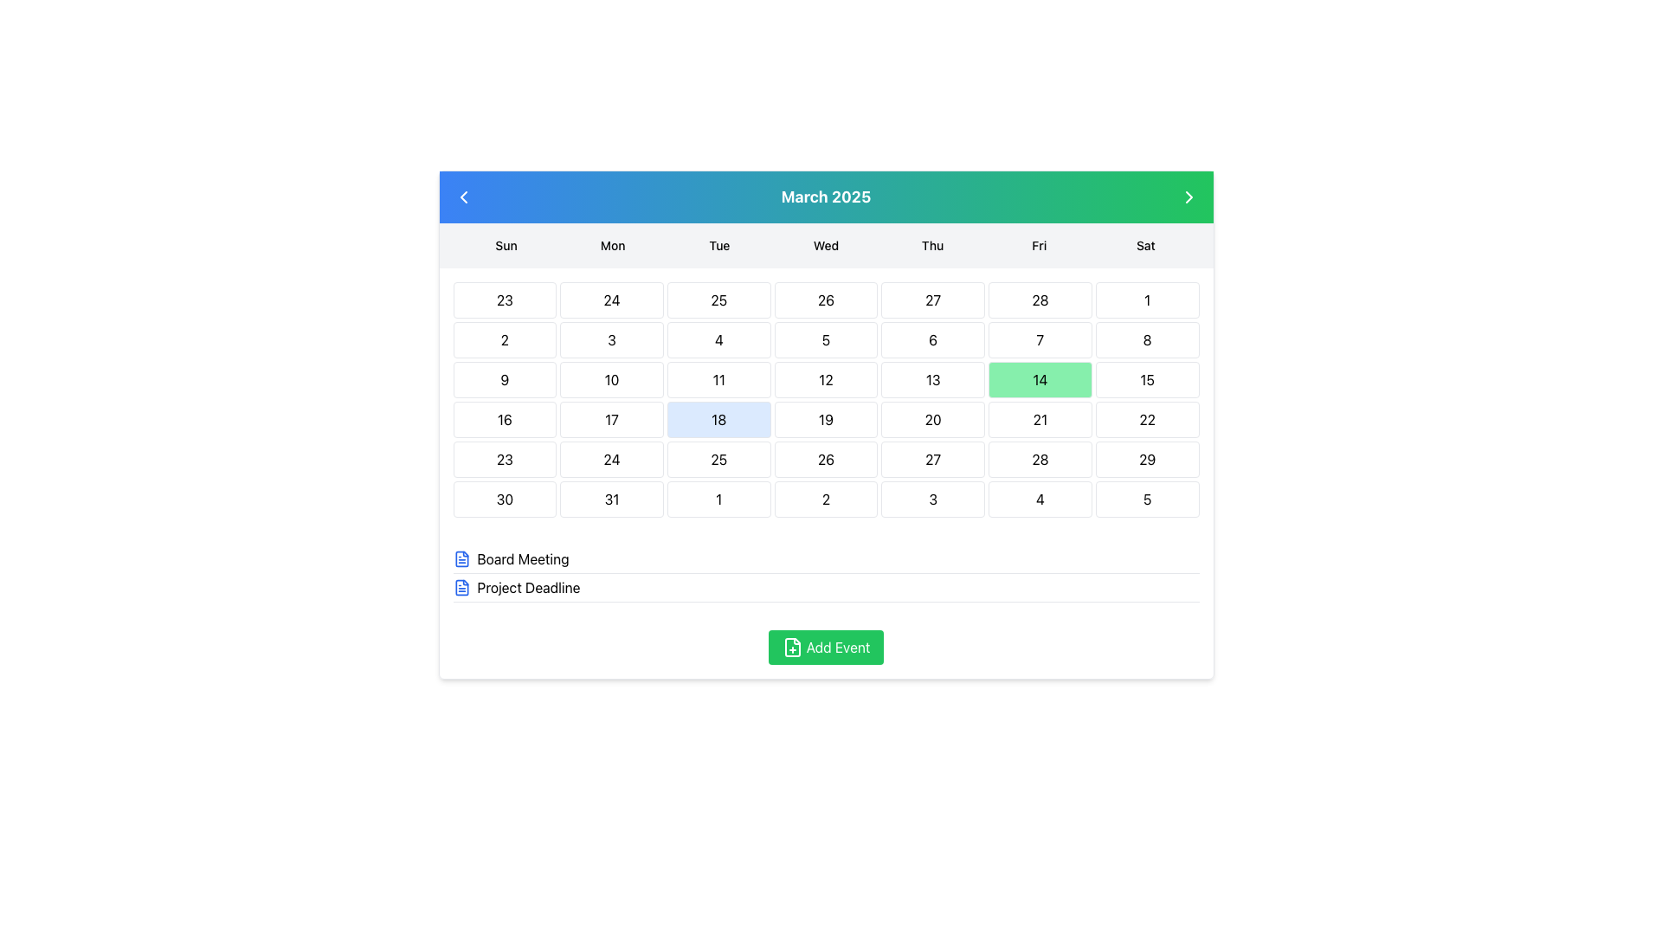  Describe the element at coordinates (504, 420) in the screenshot. I see `the Date button representing the date '16'` at that location.